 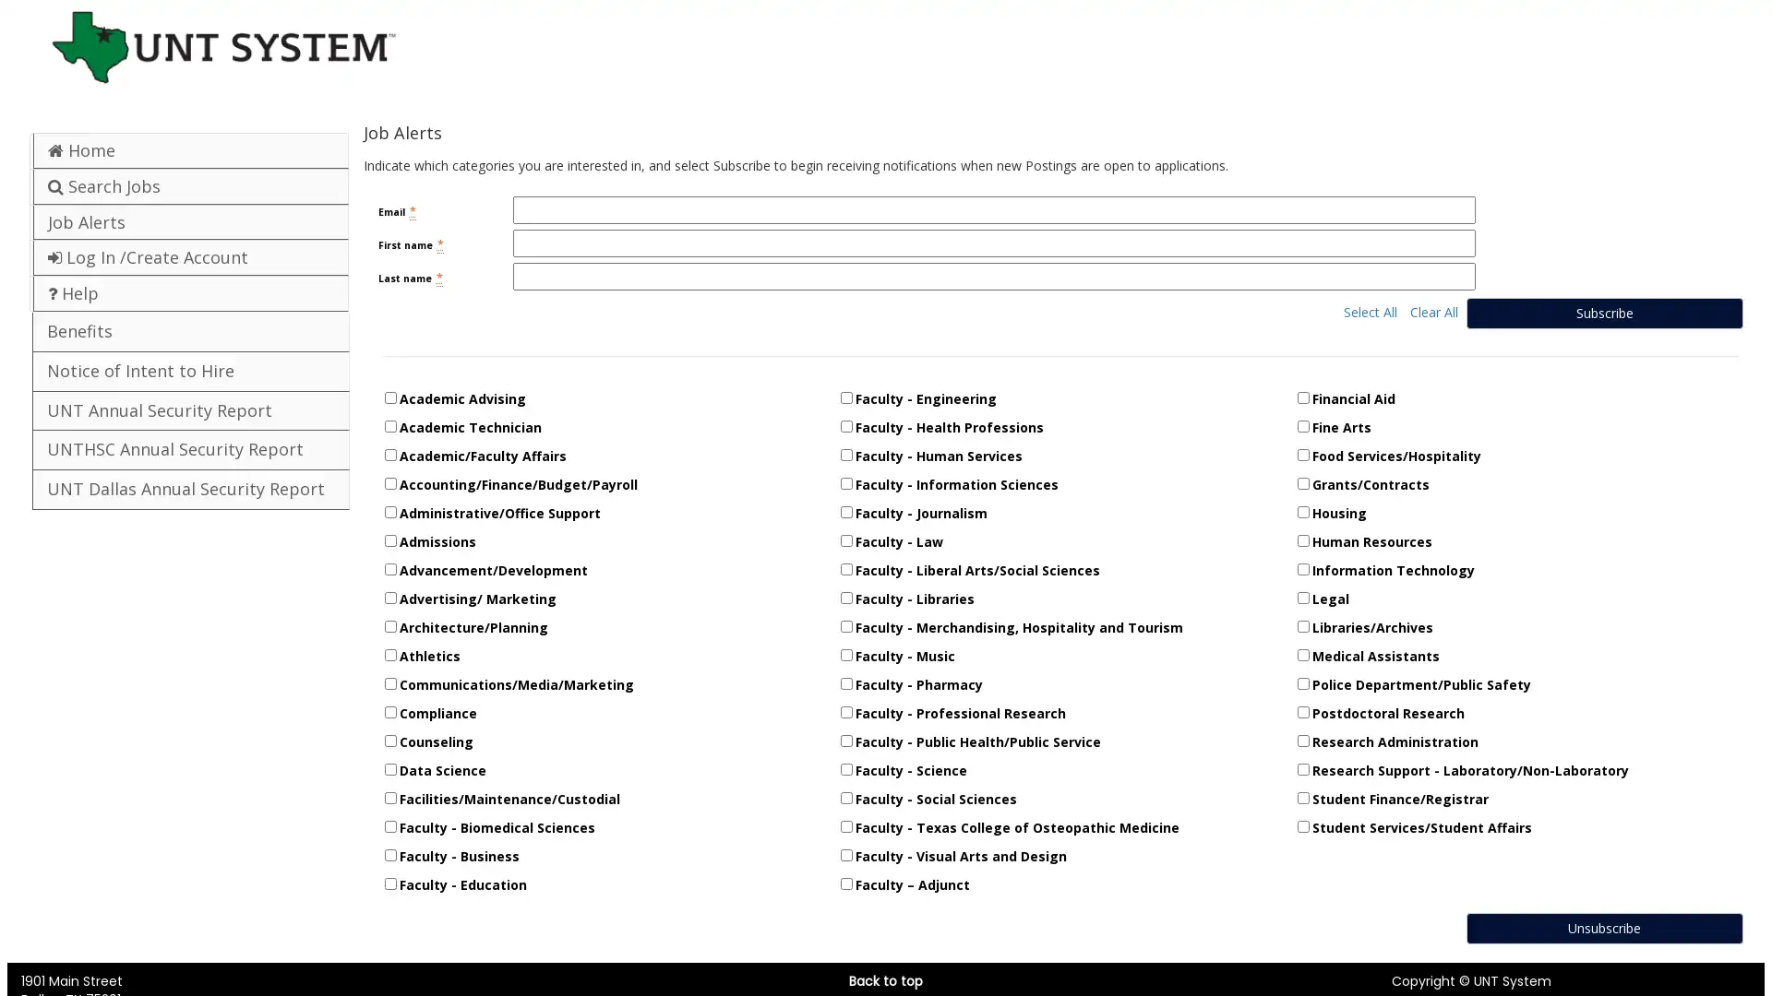 I want to click on Unsubscribe, so click(x=1602, y=928).